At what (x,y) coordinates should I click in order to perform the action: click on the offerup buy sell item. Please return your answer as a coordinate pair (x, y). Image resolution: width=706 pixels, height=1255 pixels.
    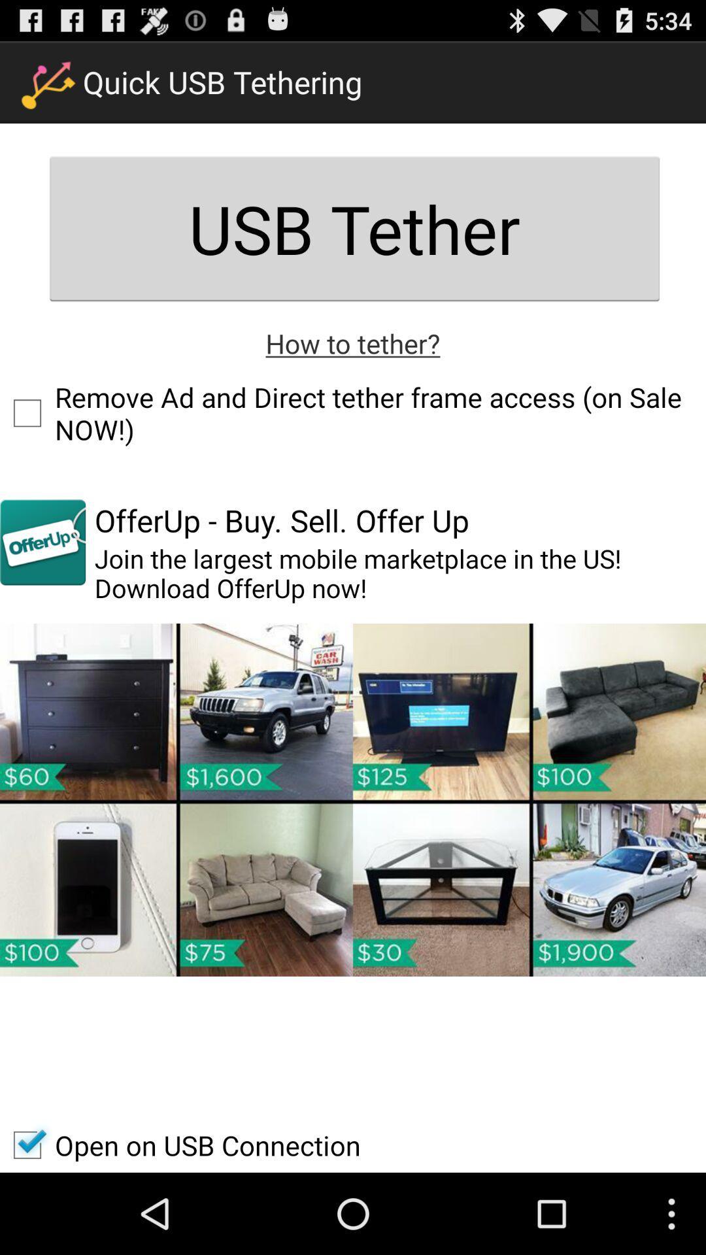
    Looking at the image, I should click on (281, 520).